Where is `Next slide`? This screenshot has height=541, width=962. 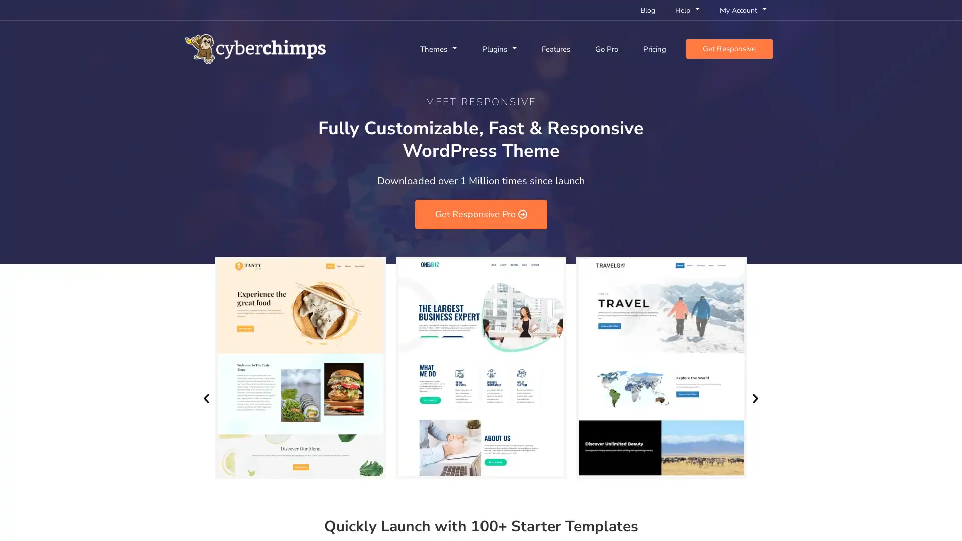 Next slide is located at coordinates (755, 397).